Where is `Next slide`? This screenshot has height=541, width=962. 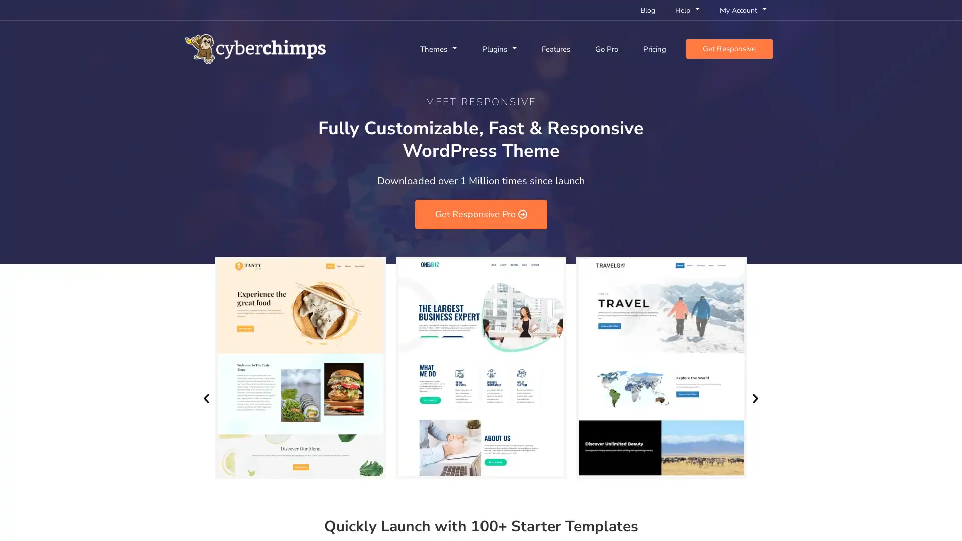 Next slide is located at coordinates (755, 397).